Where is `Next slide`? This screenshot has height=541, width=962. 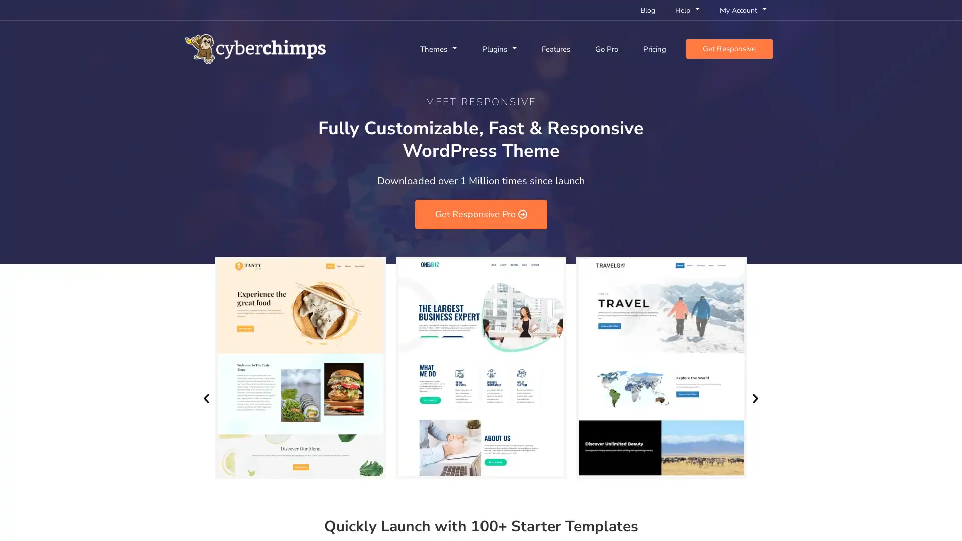 Next slide is located at coordinates (755, 397).